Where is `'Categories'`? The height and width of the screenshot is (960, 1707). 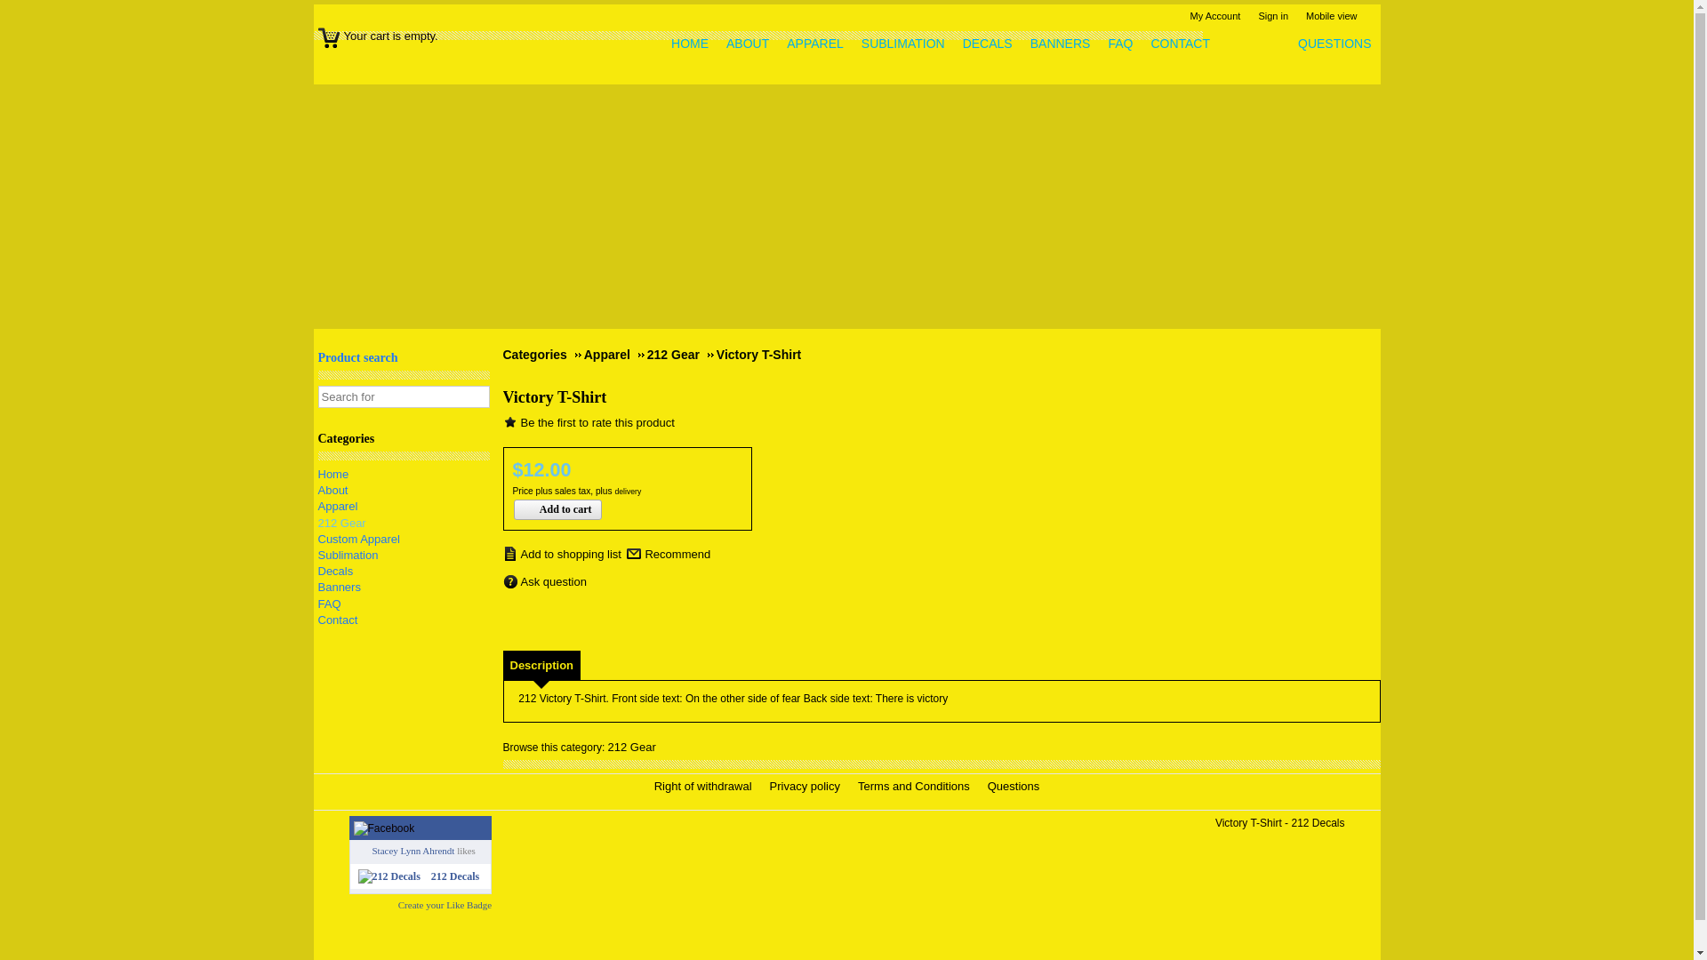
'Categories' is located at coordinates (541, 354).